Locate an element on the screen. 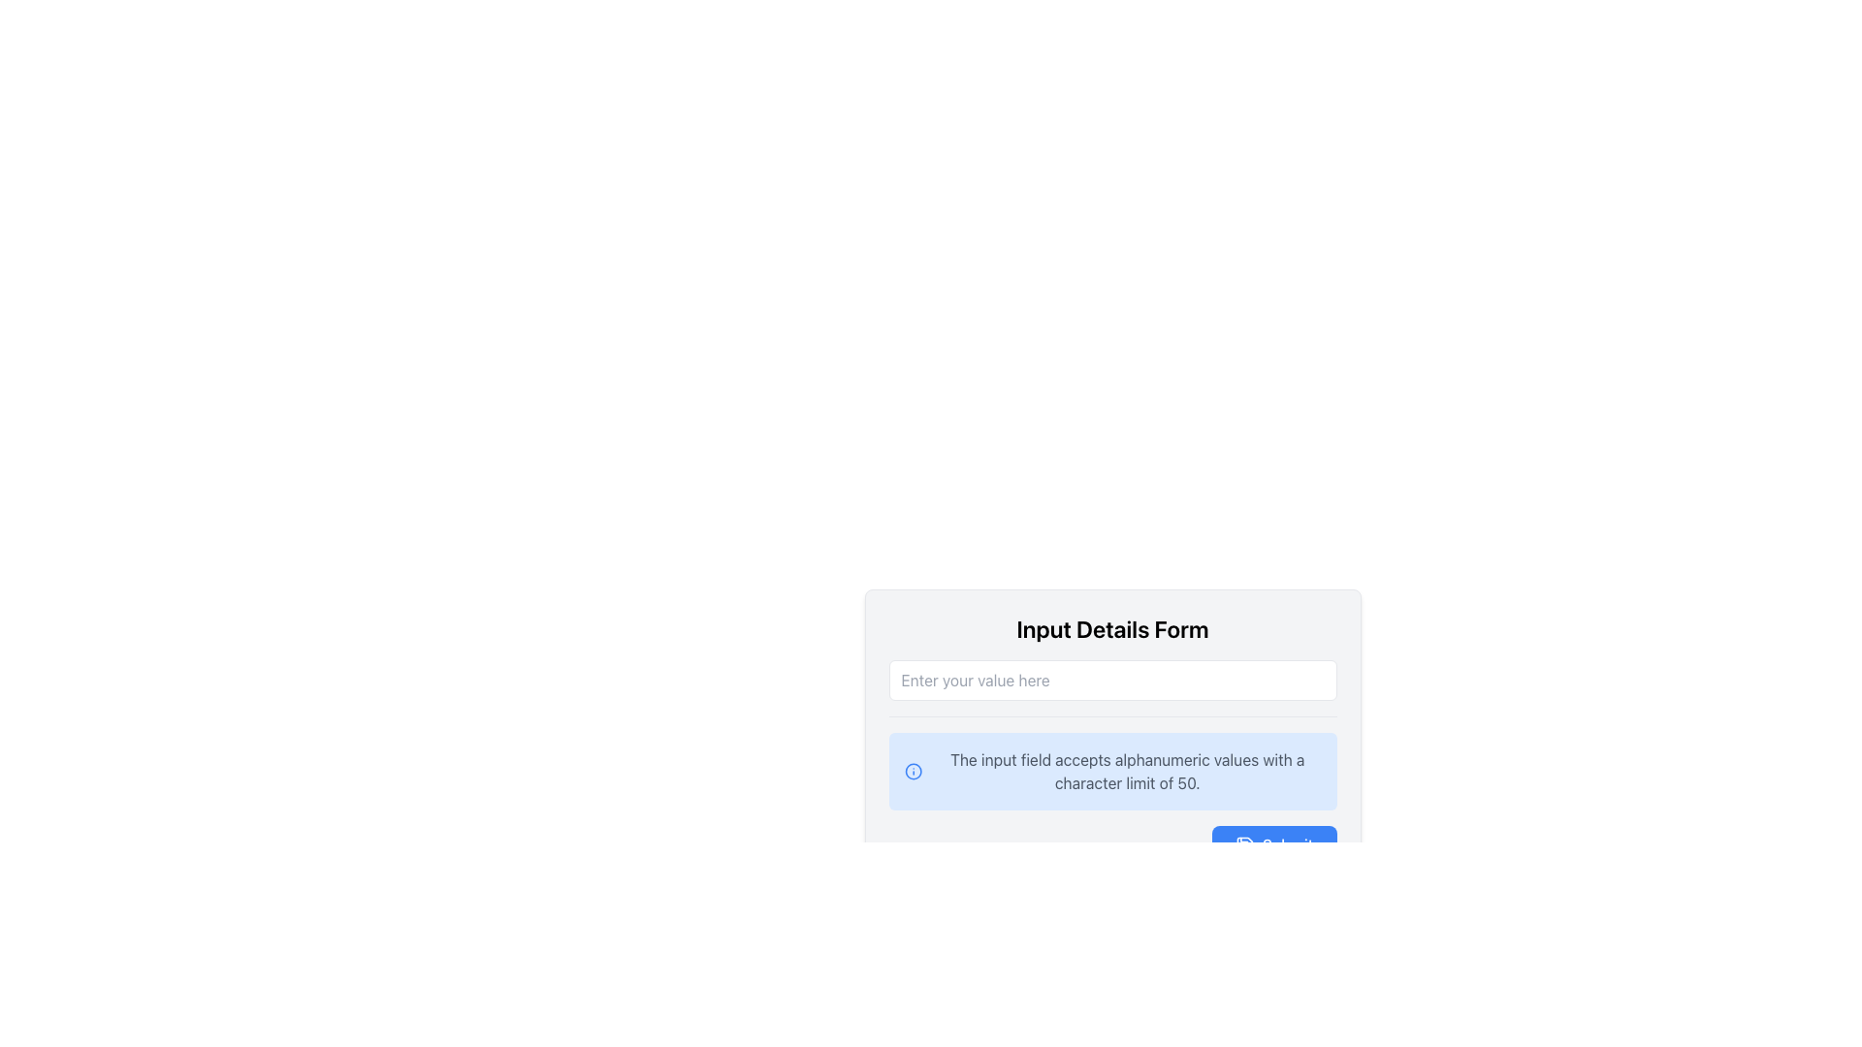 Image resolution: width=1862 pixels, height=1047 pixels. SVG circle element that is part of an icon with a light blue color scheme, located to the left of the character limit text within a blue background box is located at coordinates (912, 770).